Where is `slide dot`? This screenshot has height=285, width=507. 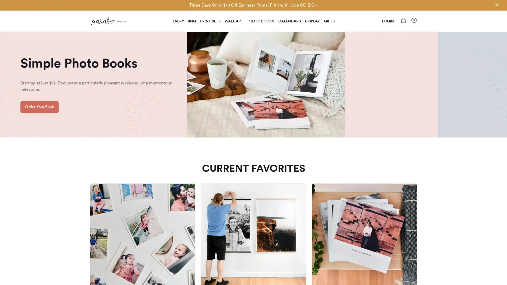
slide dot is located at coordinates (245, 146).